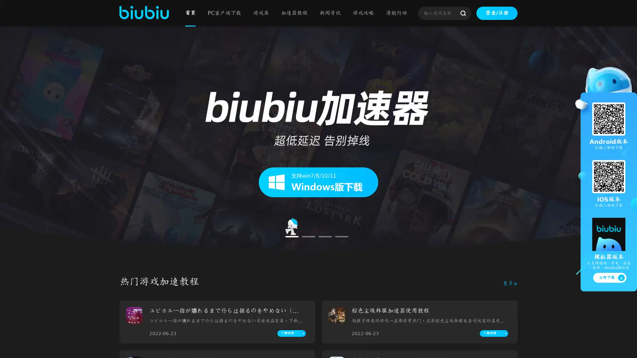 Image resolution: width=637 pixels, height=358 pixels. I want to click on Go to slide 4, so click(342, 226).